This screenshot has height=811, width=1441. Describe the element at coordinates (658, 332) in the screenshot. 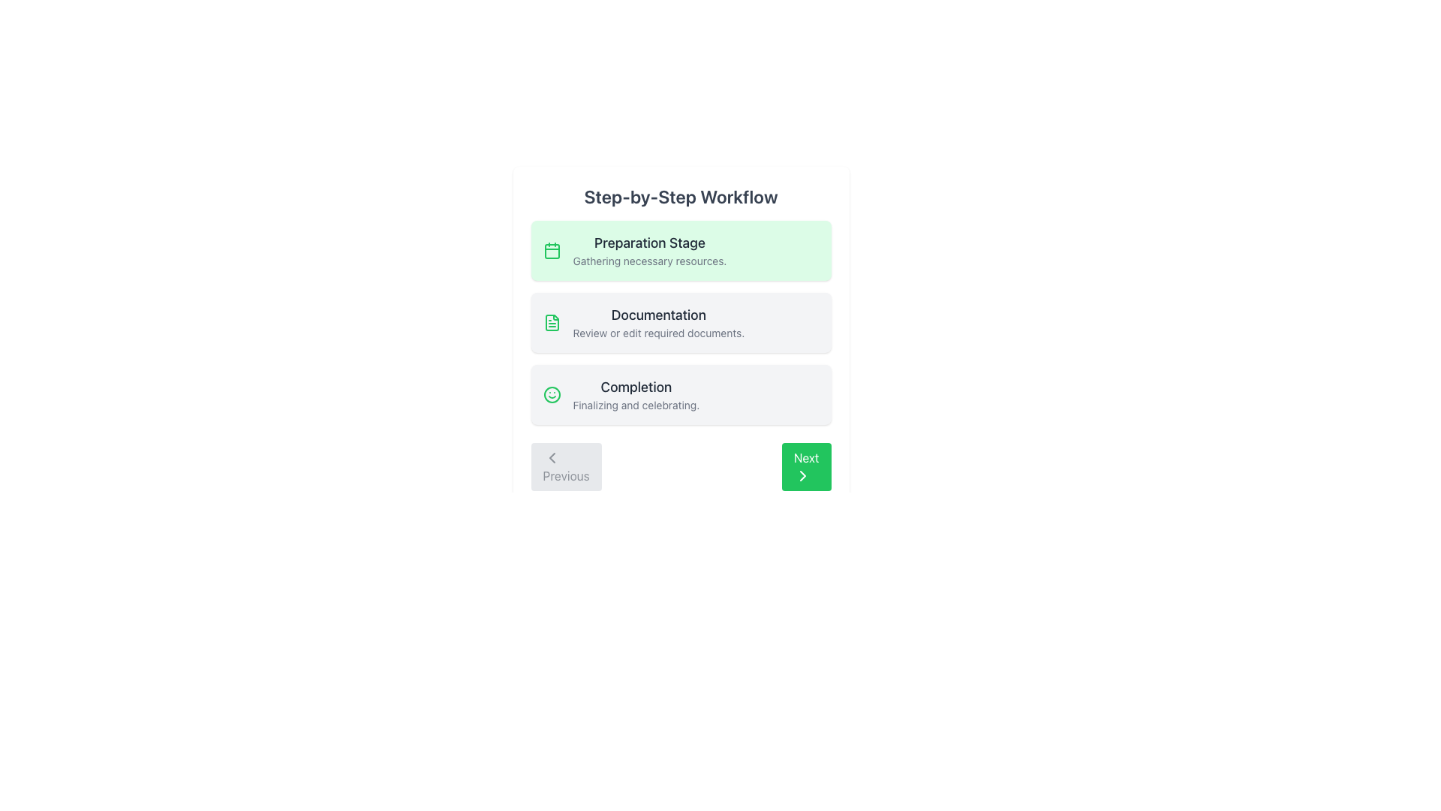

I see `the text label that reads 'Review or edit required documents.' positioned beneath the heading 'Documentation' in the central workflow card` at that location.